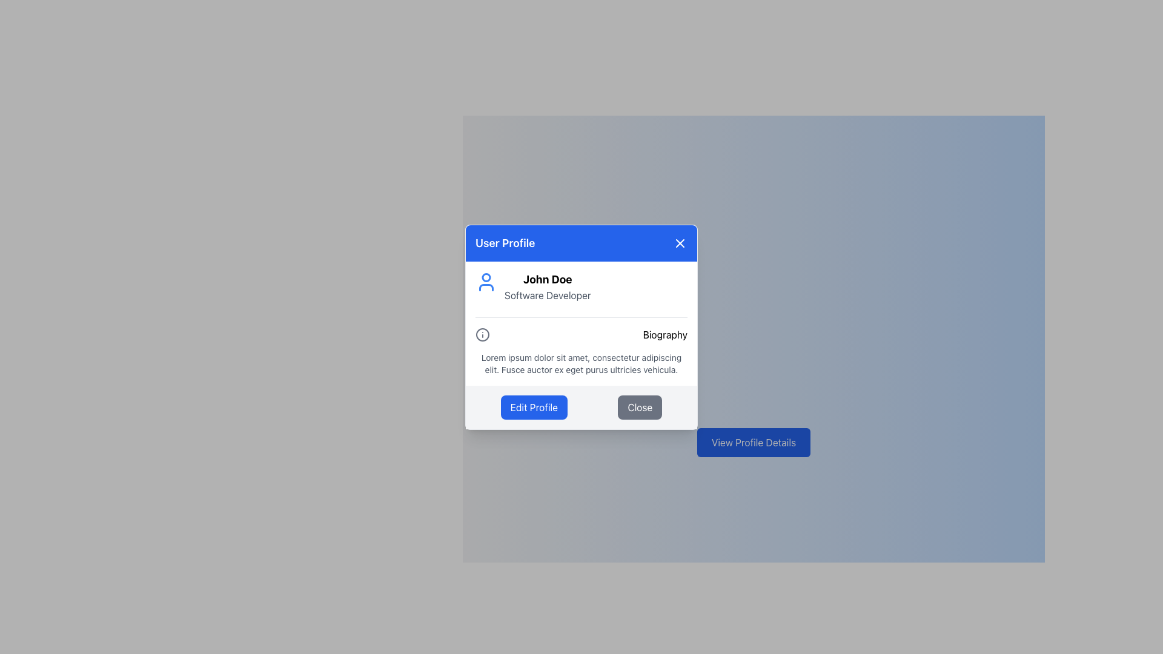 This screenshot has height=654, width=1163. I want to click on the rounded rectangular button with a blue background and white text 'View Profile Details' to trigger the hover effect, so click(753, 443).